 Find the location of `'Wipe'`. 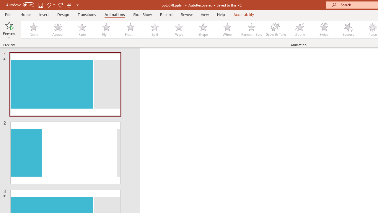

'Wipe' is located at coordinates (178, 30).